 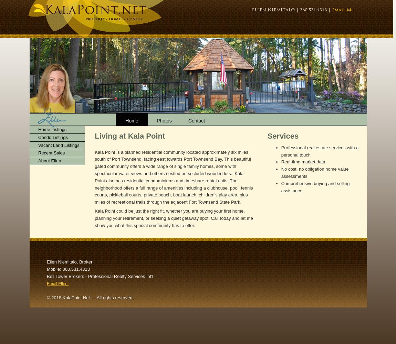 I want to click on 'Bell Tower Brokers - Professional Realty Services Int'l', so click(x=100, y=276).